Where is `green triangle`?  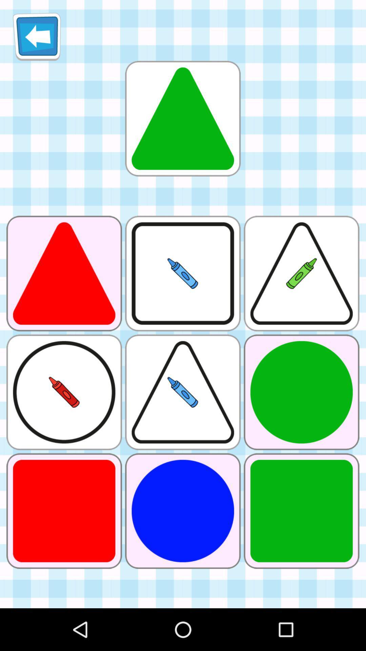 green triangle is located at coordinates (182, 118).